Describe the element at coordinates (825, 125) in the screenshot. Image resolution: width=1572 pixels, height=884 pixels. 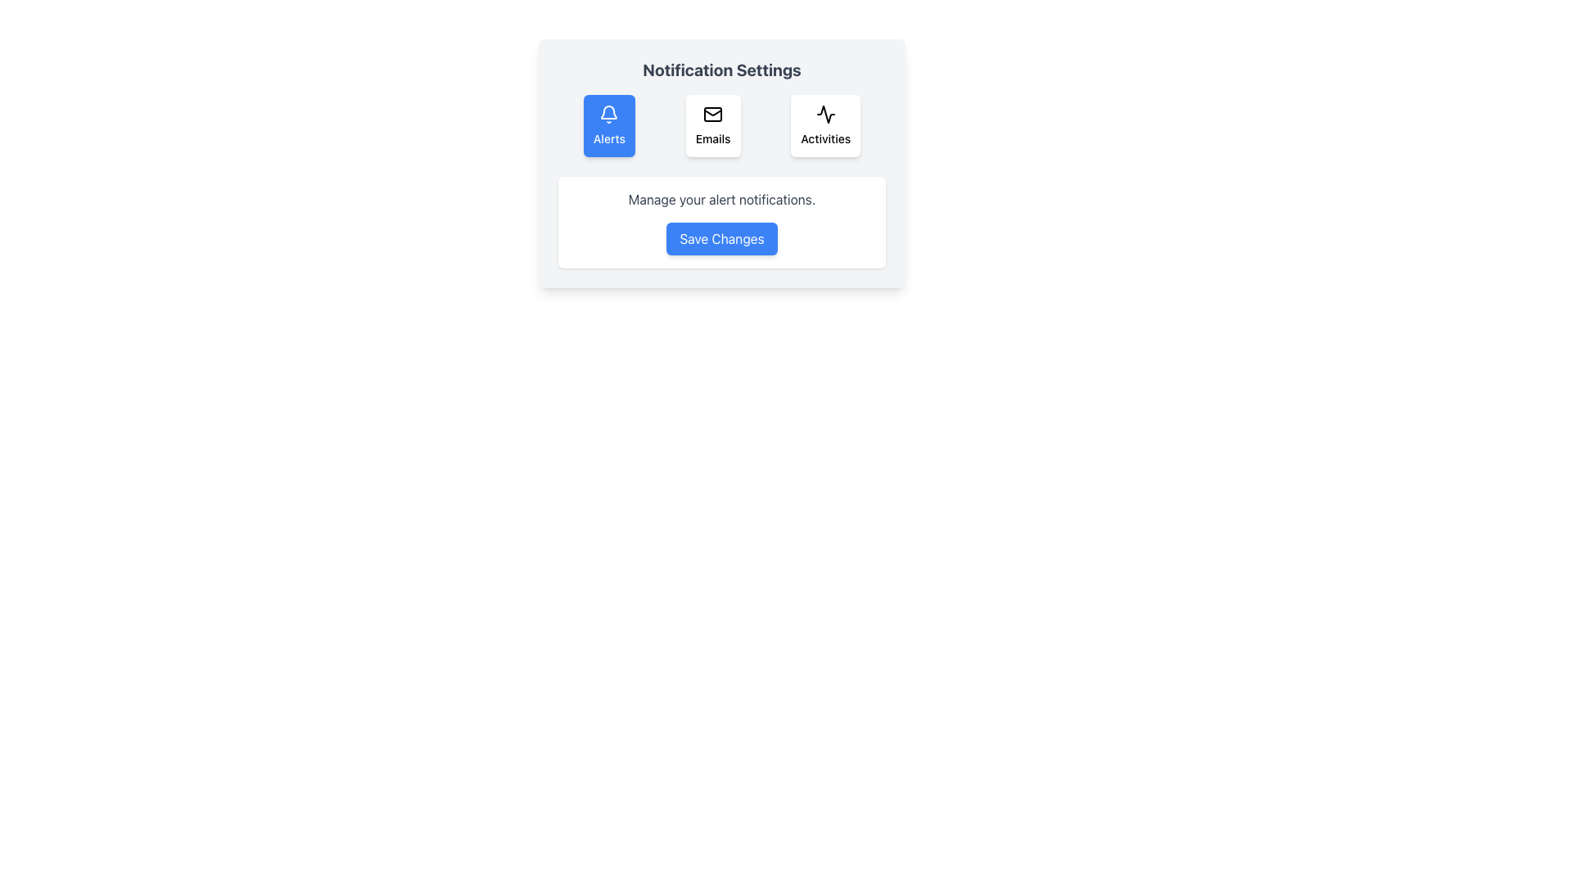
I see `the 'Activities' button located in the top section of the interface within the 'Notification Settings' panel, which is the third button in a horizontal group of three, following 'Alerts' and 'Emails'` at that location.